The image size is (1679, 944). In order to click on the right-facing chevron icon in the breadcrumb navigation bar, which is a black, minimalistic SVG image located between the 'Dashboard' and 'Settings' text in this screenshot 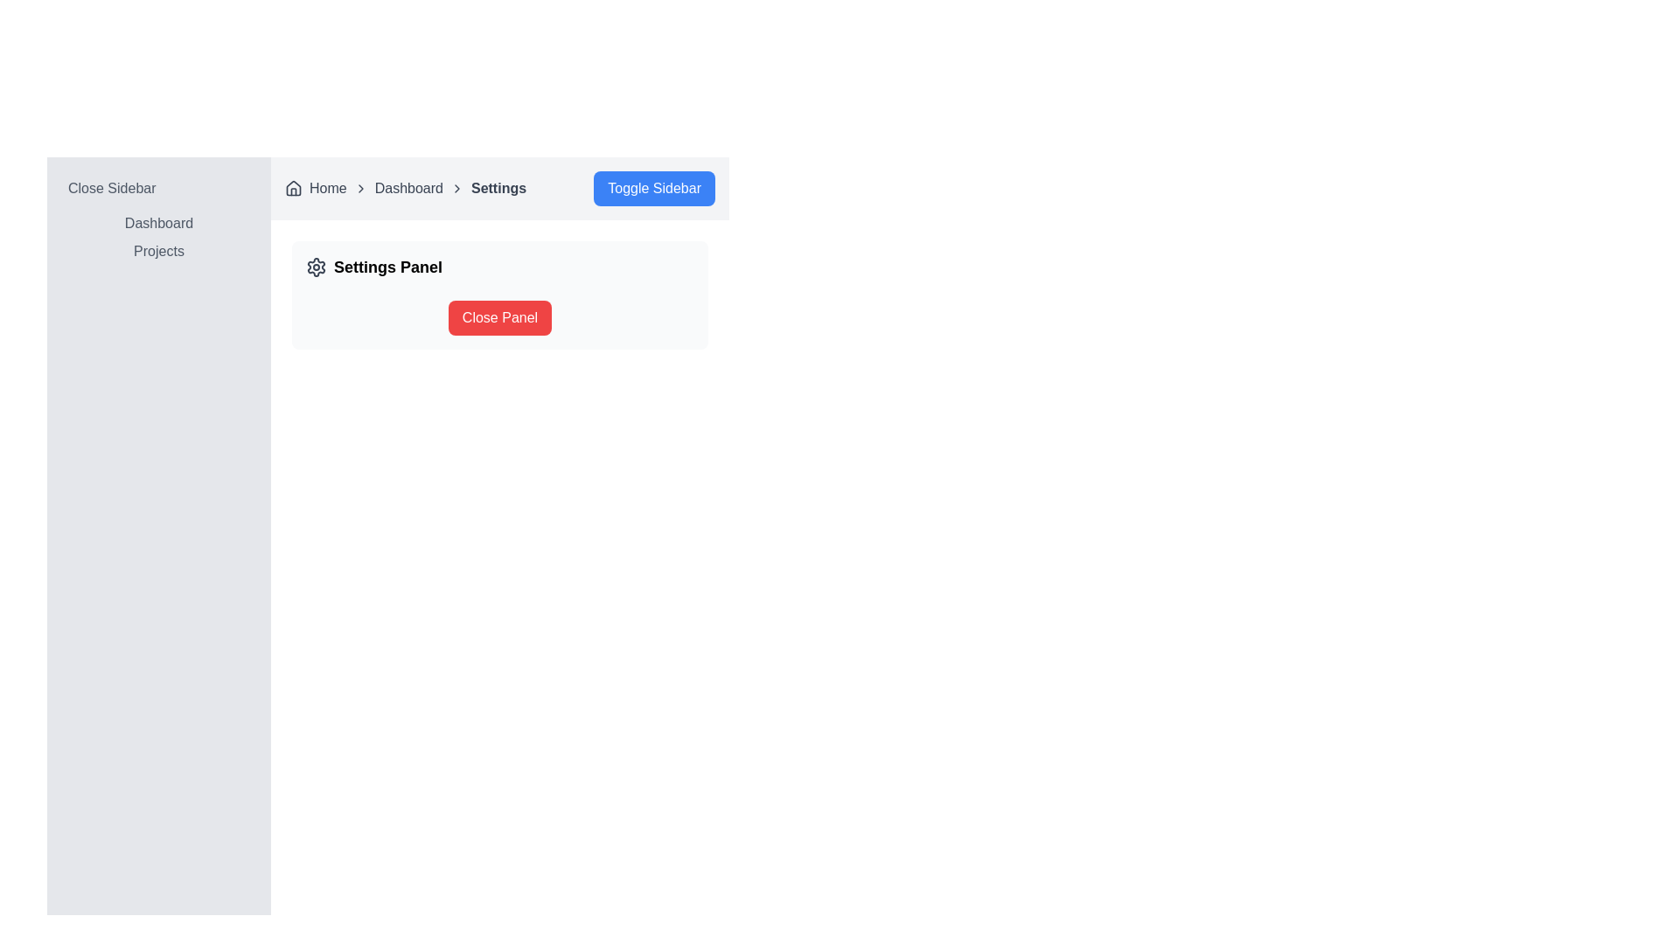, I will do `click(457, 189)`.